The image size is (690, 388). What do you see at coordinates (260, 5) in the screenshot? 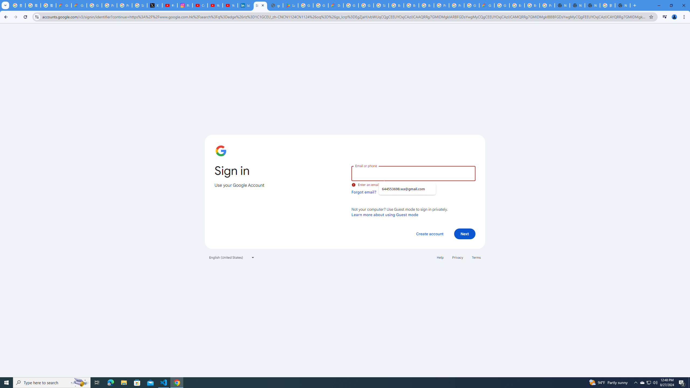
I see `'Sign in - Google Accounts'` at bounding box center [260, 5].